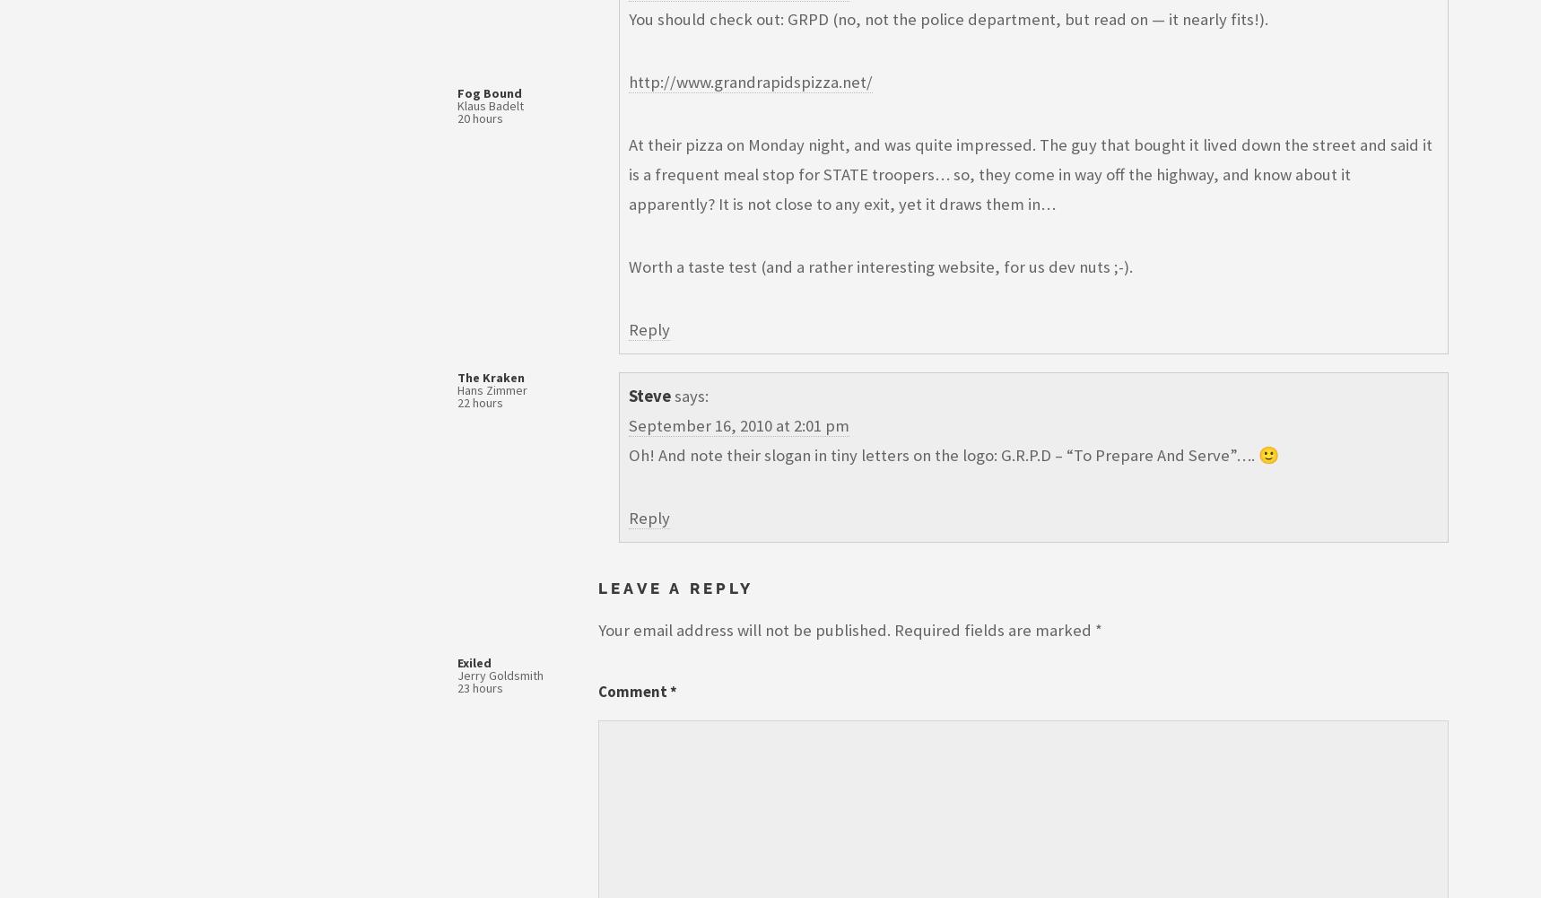 This screenshot has width=1541, height=898. I want to click on 'Comment', so click(632, 691).